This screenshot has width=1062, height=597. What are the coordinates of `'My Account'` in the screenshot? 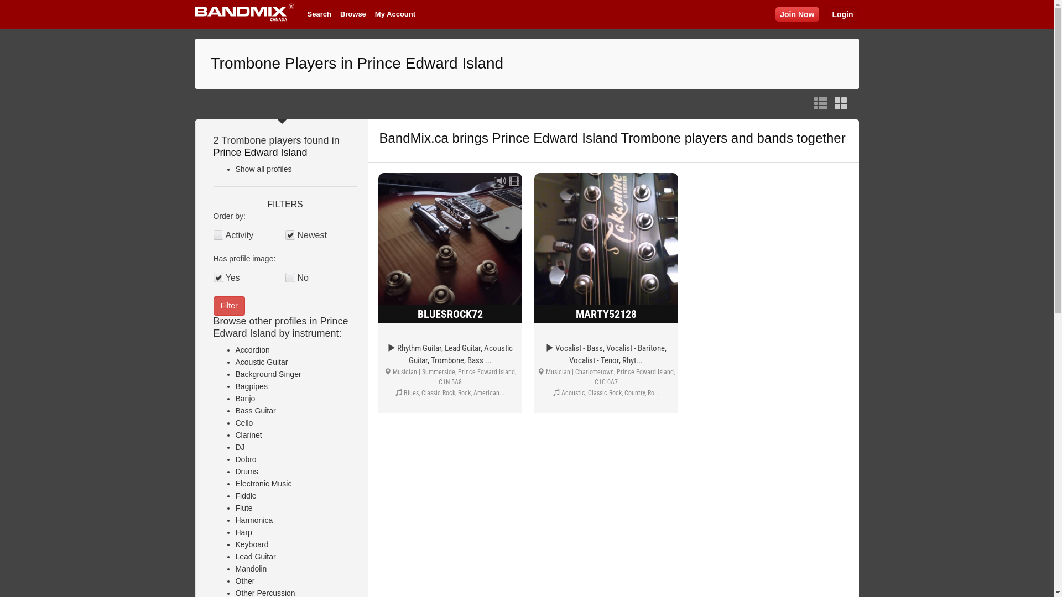 It's located at (395, 14).